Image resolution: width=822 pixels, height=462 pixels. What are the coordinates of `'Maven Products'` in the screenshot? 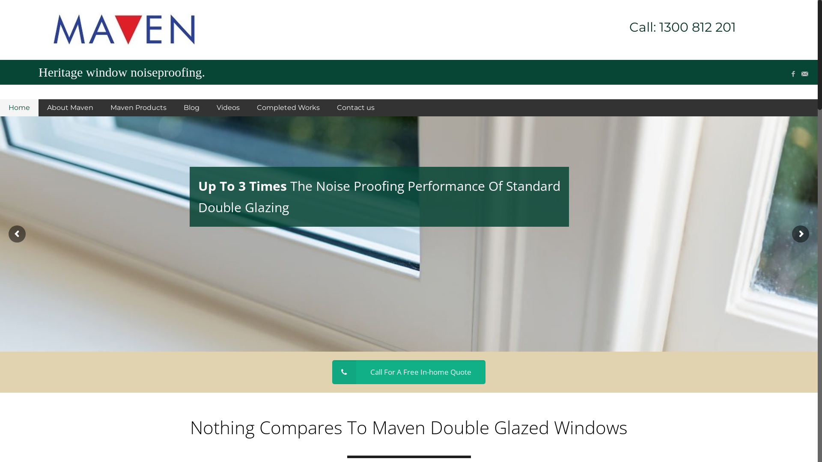 It's located at (138, 107).